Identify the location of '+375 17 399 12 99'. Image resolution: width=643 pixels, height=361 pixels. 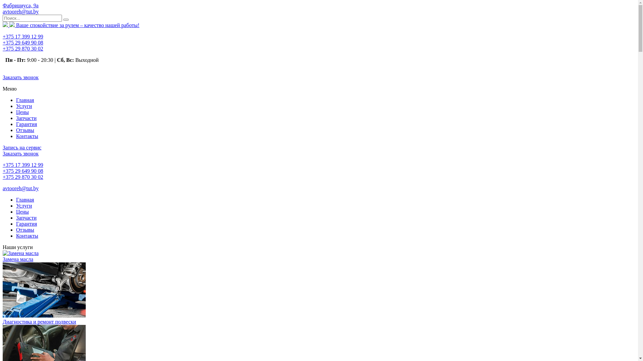
(23, 165).